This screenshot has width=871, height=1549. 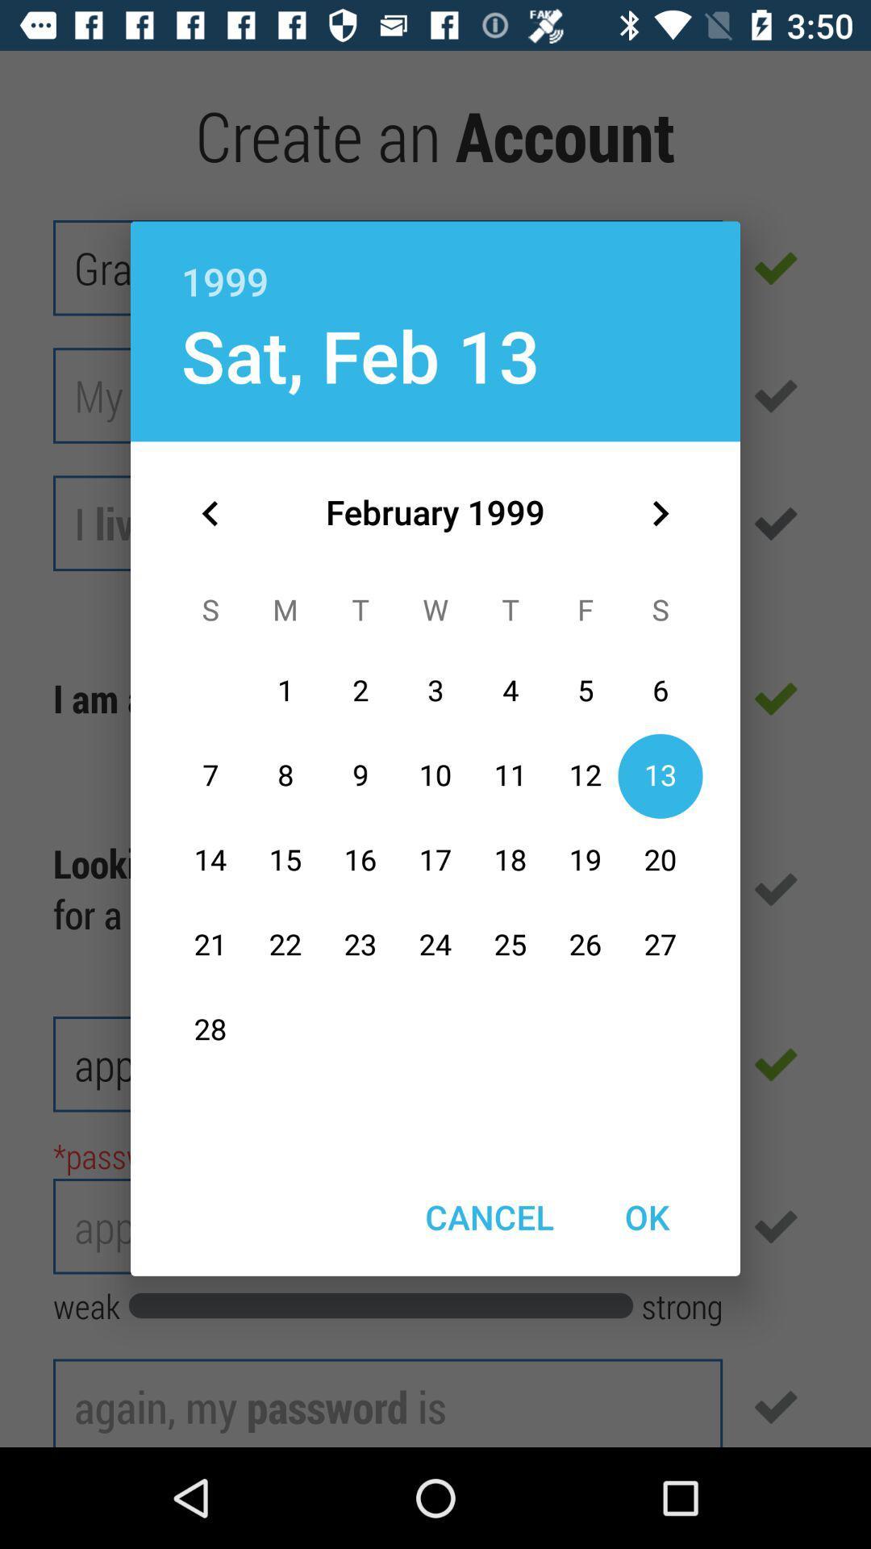 What do you see at coordinates (435, 264) in the screenshot?
I see `the 1999` at bounding box center [435, 264].